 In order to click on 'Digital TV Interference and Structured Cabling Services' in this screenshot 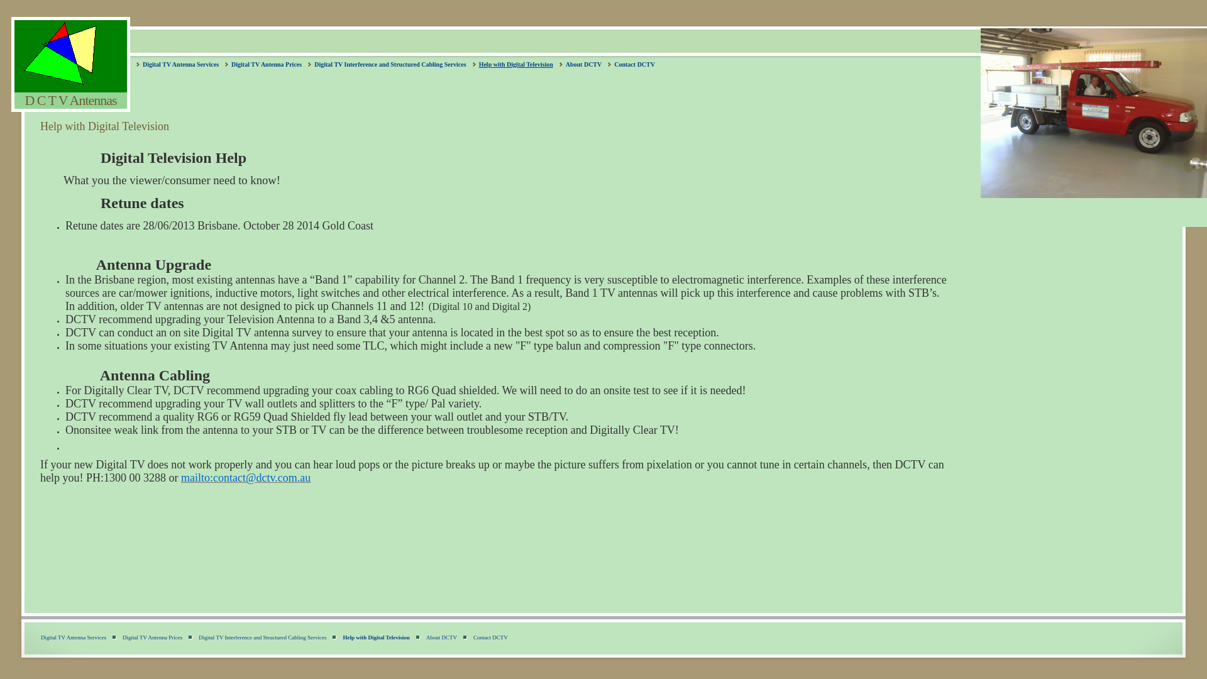, I will do `click(389, 64)`.